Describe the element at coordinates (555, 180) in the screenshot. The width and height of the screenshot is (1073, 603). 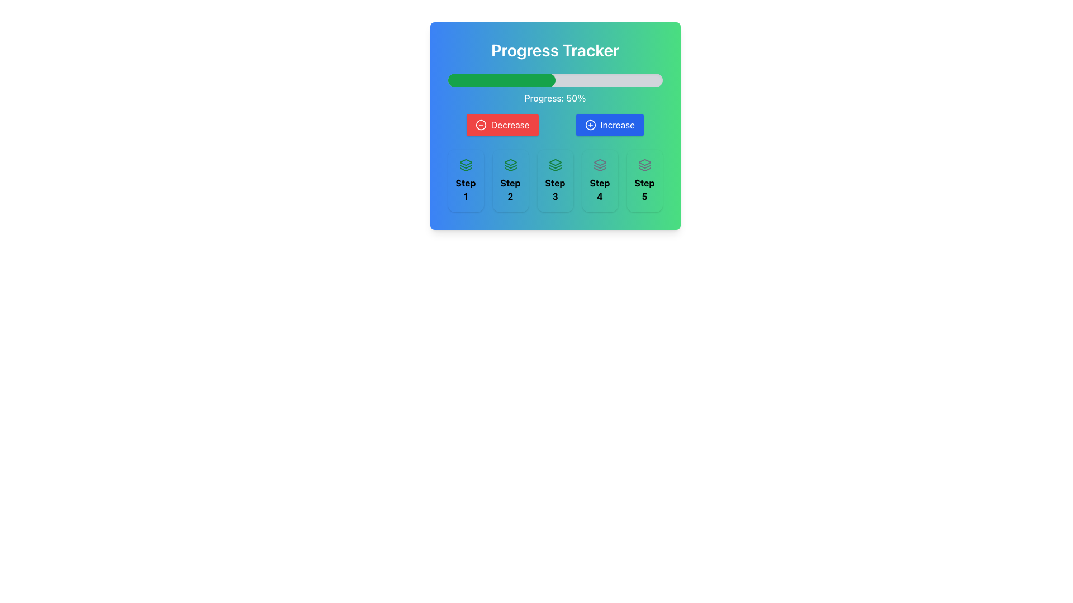
I see `the Progress step indicator component, which is a rectangular block with a green stack icon and the text 'Step 3' in bold, located as the third block in a row of five progress steps` at that location.